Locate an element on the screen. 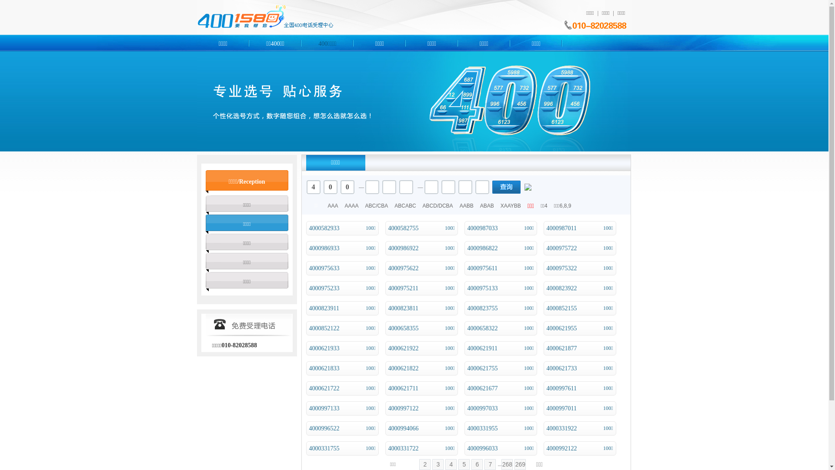 This screenshot has width=835, height=470. 'AABB' is located at coordinates (457, 206).